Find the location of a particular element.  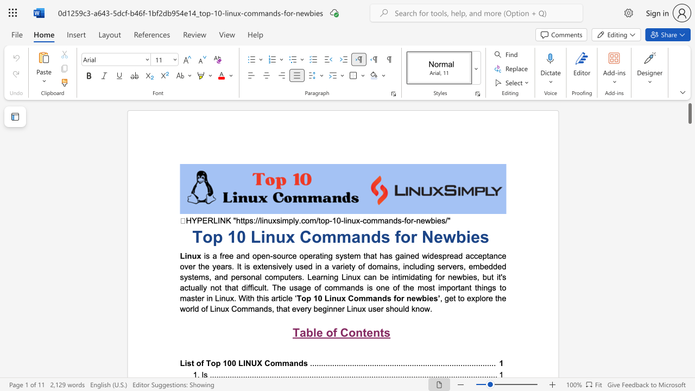

the subset text "and" within the text "List of Top 100 LINUX Commands" is located at coordinates (289, 363).